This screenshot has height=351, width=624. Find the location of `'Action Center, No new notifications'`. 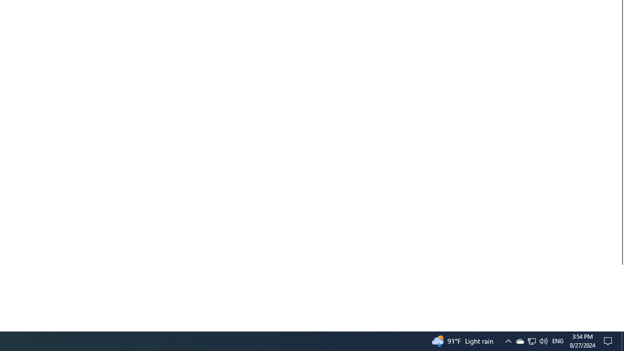

'Action Center, No new notifications' is located at coordinates (609, 340).